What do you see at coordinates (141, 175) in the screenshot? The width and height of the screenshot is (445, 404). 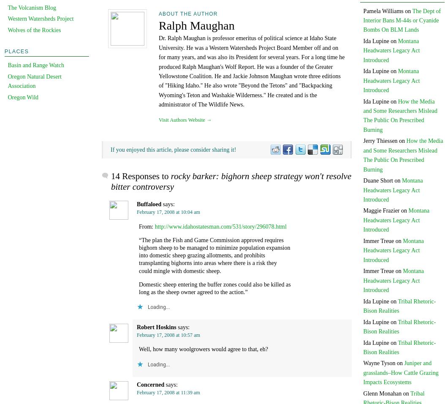 I see `'14 Responses to'` at bounding box center [141, 175].